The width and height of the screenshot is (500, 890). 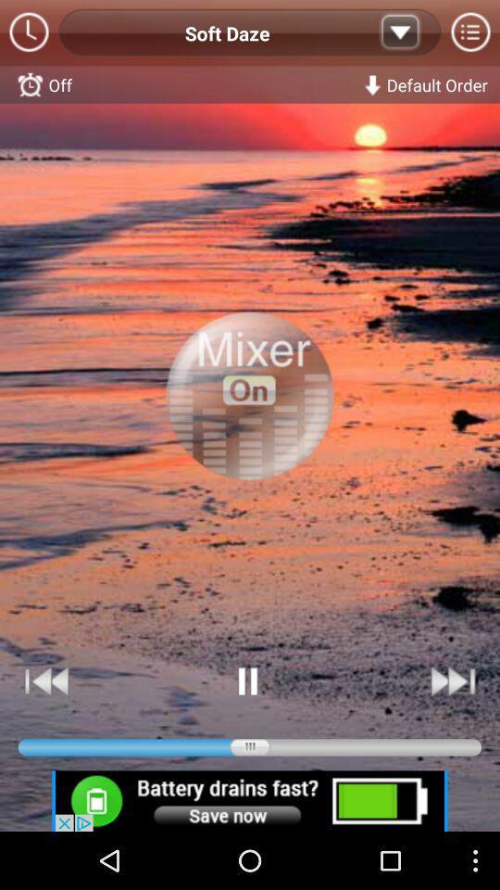 What do you see at coordinates (47, 680) in the screenshot?
I see `rewind` at bounding box center [47, 680].